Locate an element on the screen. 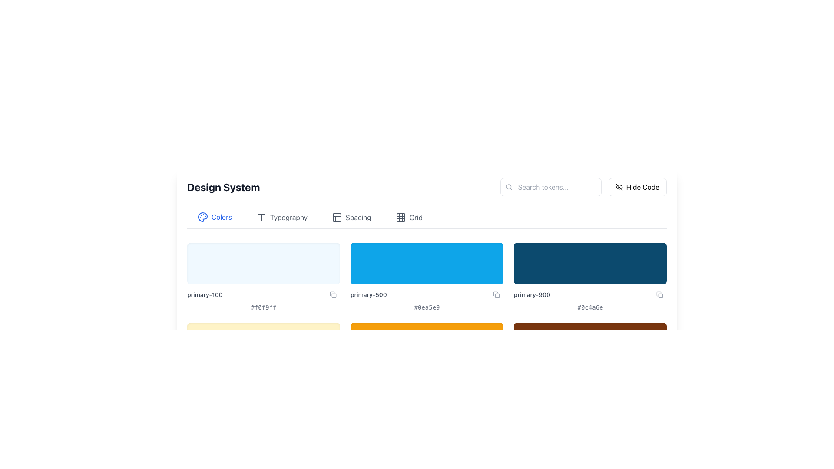 This screenshot has width=834, height=469. the 'copy to clipboard' icon button located under the 'Colors' tab, positioned to the right of the 'primary-500' panel and aligned with the 'primary-900' panel is located at coordinates (496, 294).